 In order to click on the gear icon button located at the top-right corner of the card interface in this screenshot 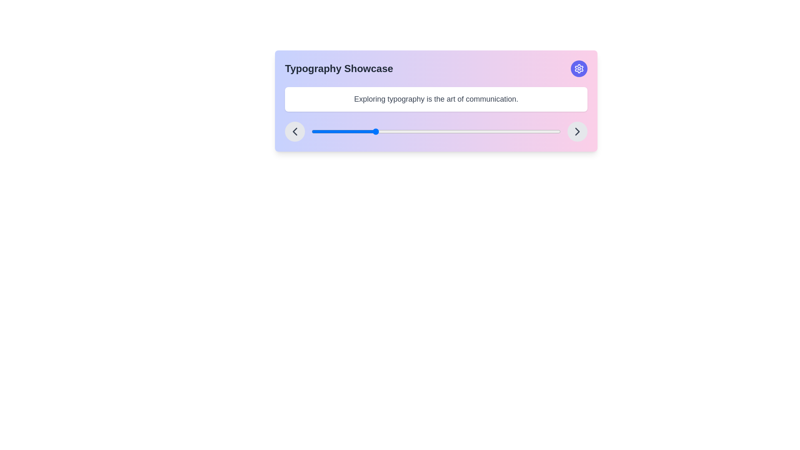, I will do `click(579, 68)`.